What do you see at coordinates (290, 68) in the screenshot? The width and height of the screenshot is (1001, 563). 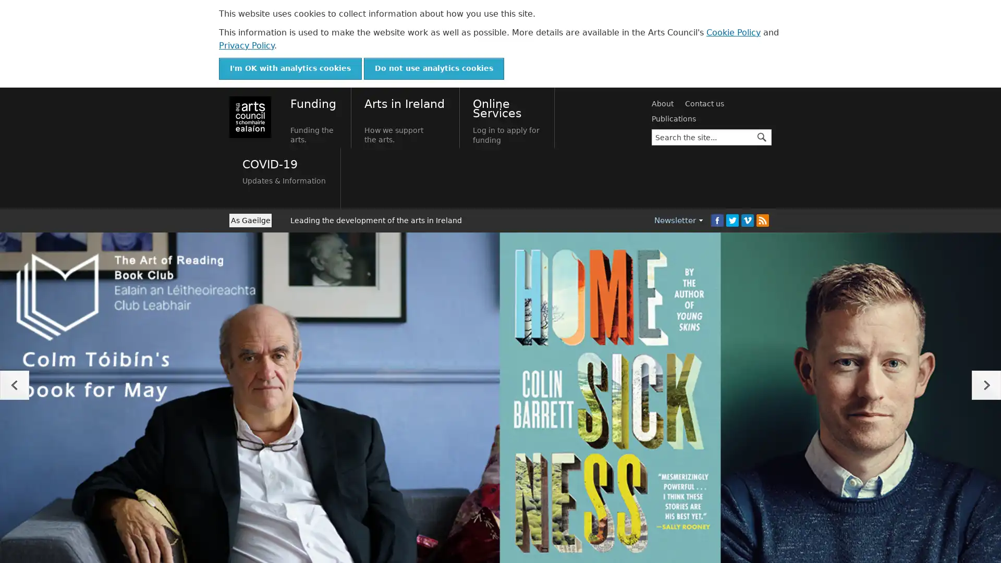 I see `I'm OK with analytics cookies` at bounding box center [290, 68].